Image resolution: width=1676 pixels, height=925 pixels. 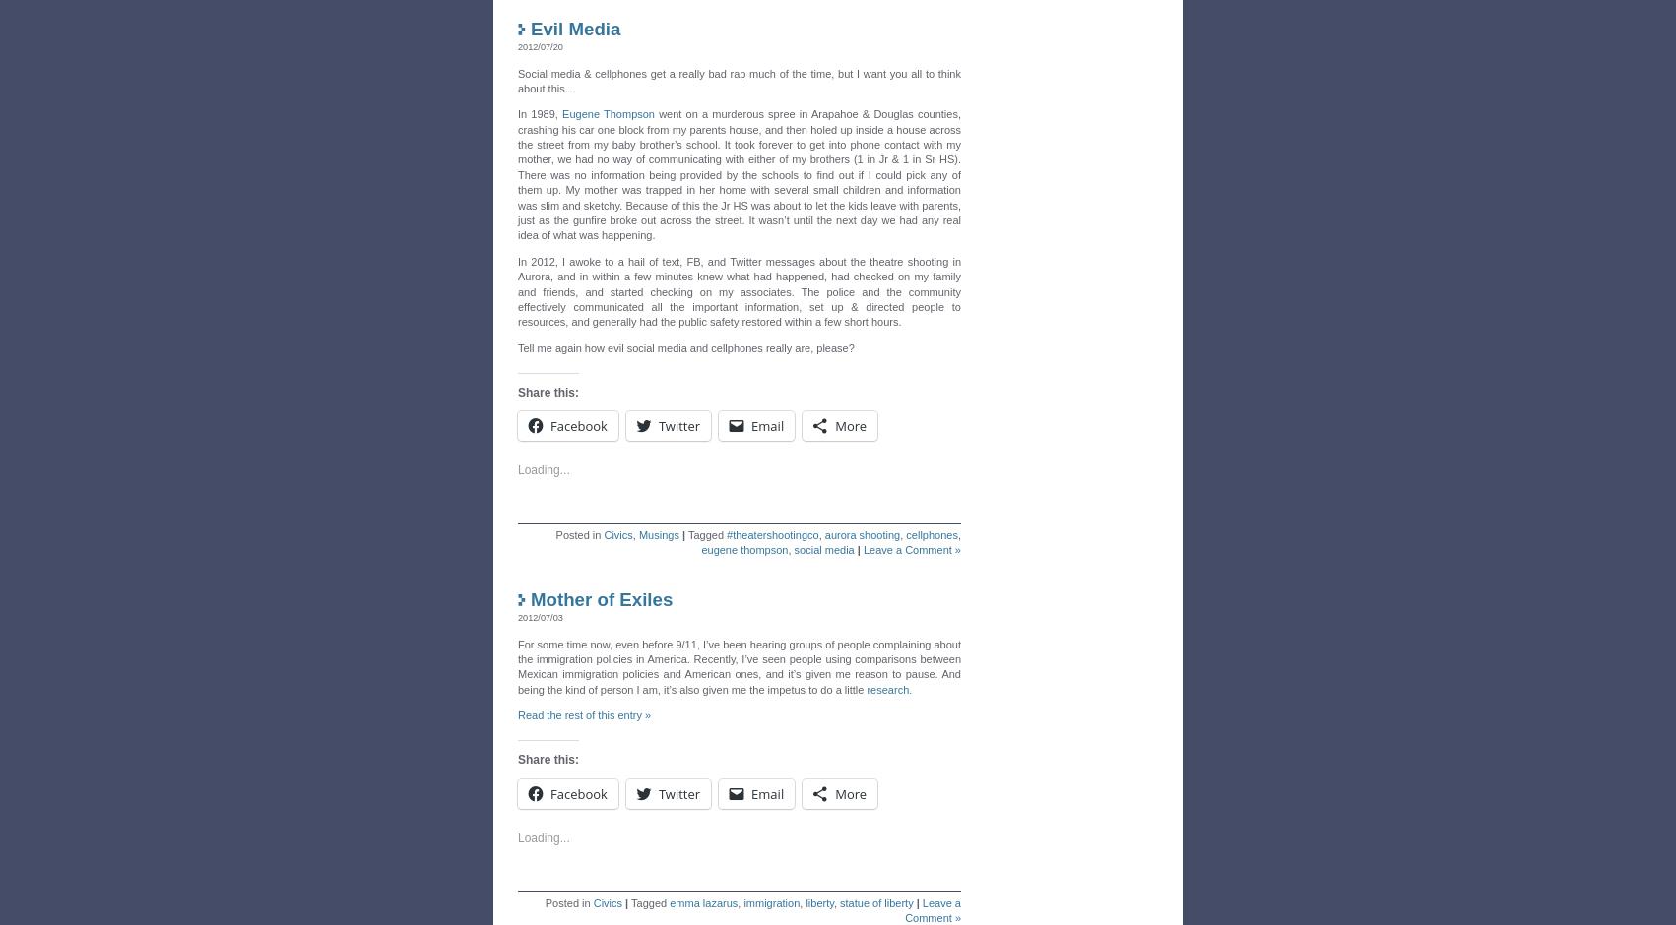 I want to click on '2012/07/20', so click(x=539, y=46).